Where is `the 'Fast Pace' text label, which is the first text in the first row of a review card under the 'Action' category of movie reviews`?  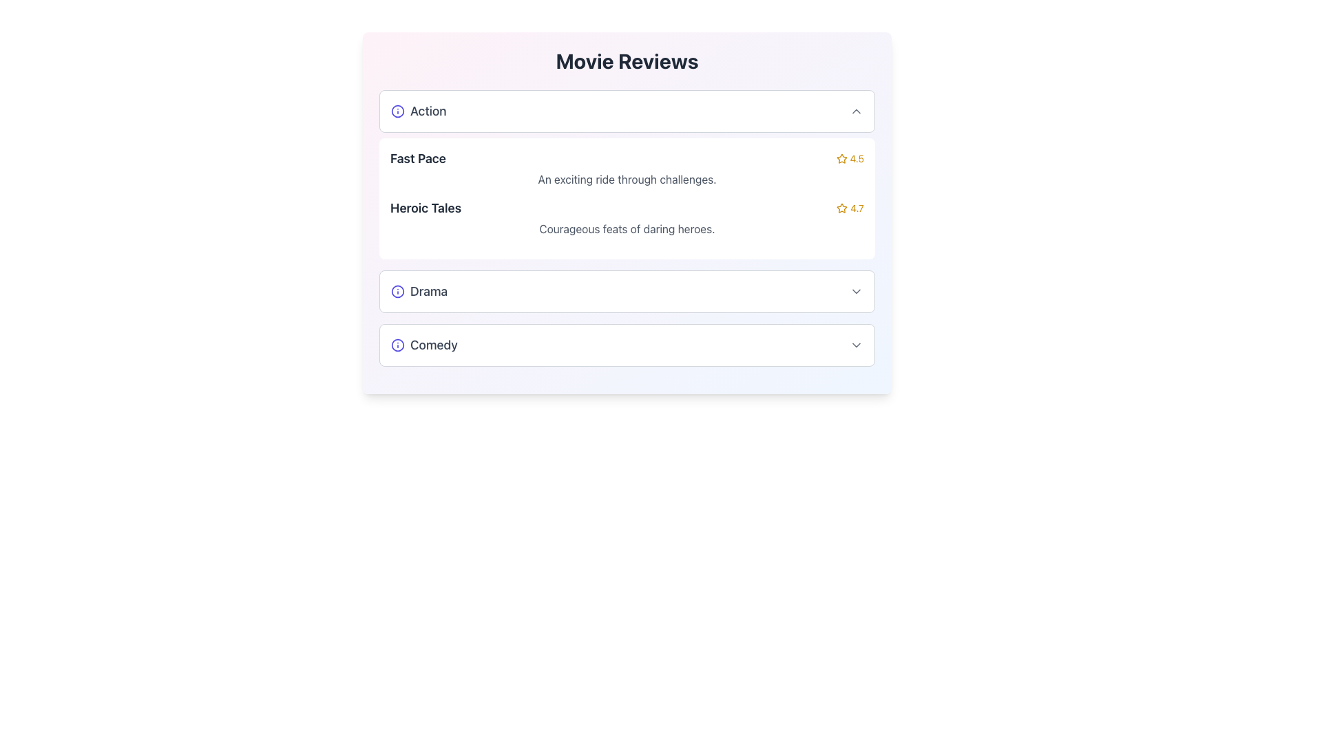
the 'Fast Pace' text label, which is the first text in the first row of a review card under the 'Action' category of movie reviews is located at coordinates (417, 158).